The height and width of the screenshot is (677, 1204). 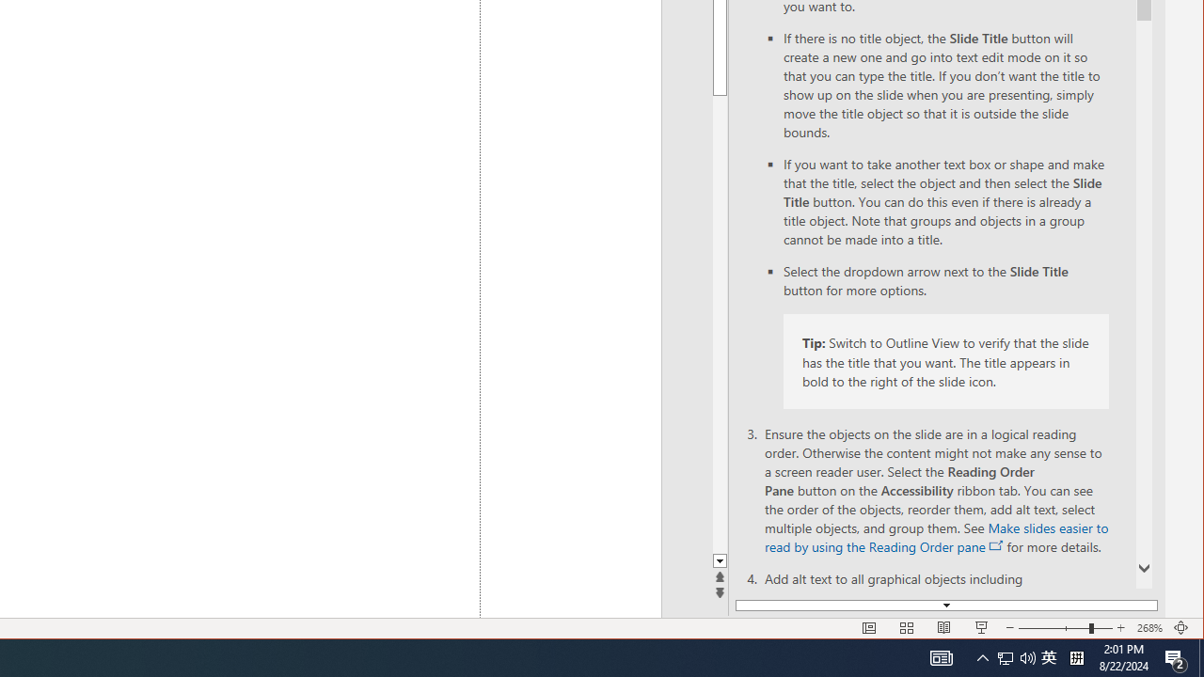 I want to click on 'Zoom 268%', so click(x=1149, y=628).